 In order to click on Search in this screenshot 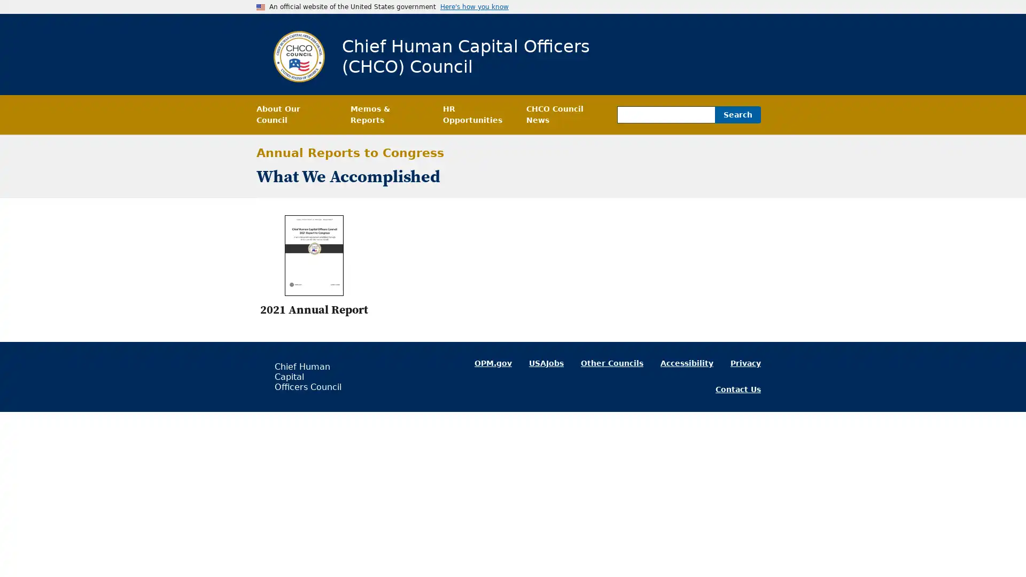, I will do `click(737, 115)`.